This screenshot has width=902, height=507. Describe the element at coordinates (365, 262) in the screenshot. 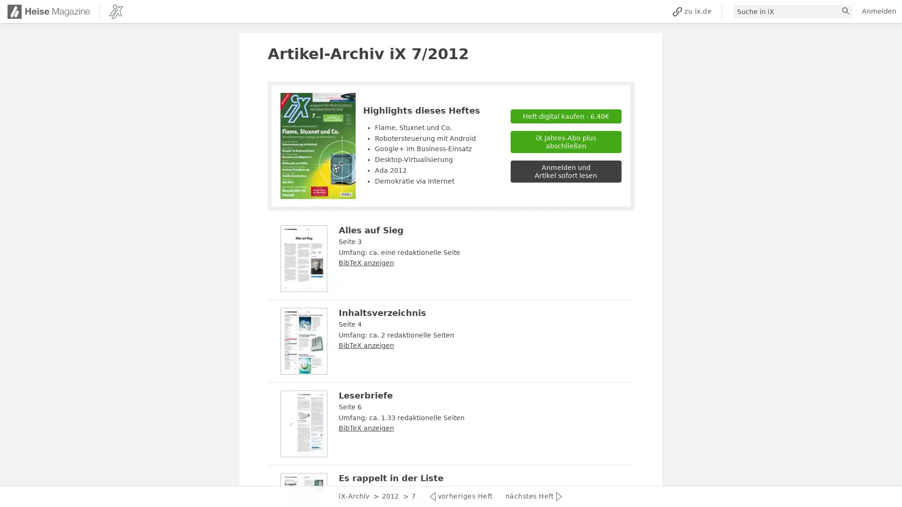

I see `BibTeX anzeigen` at that location.